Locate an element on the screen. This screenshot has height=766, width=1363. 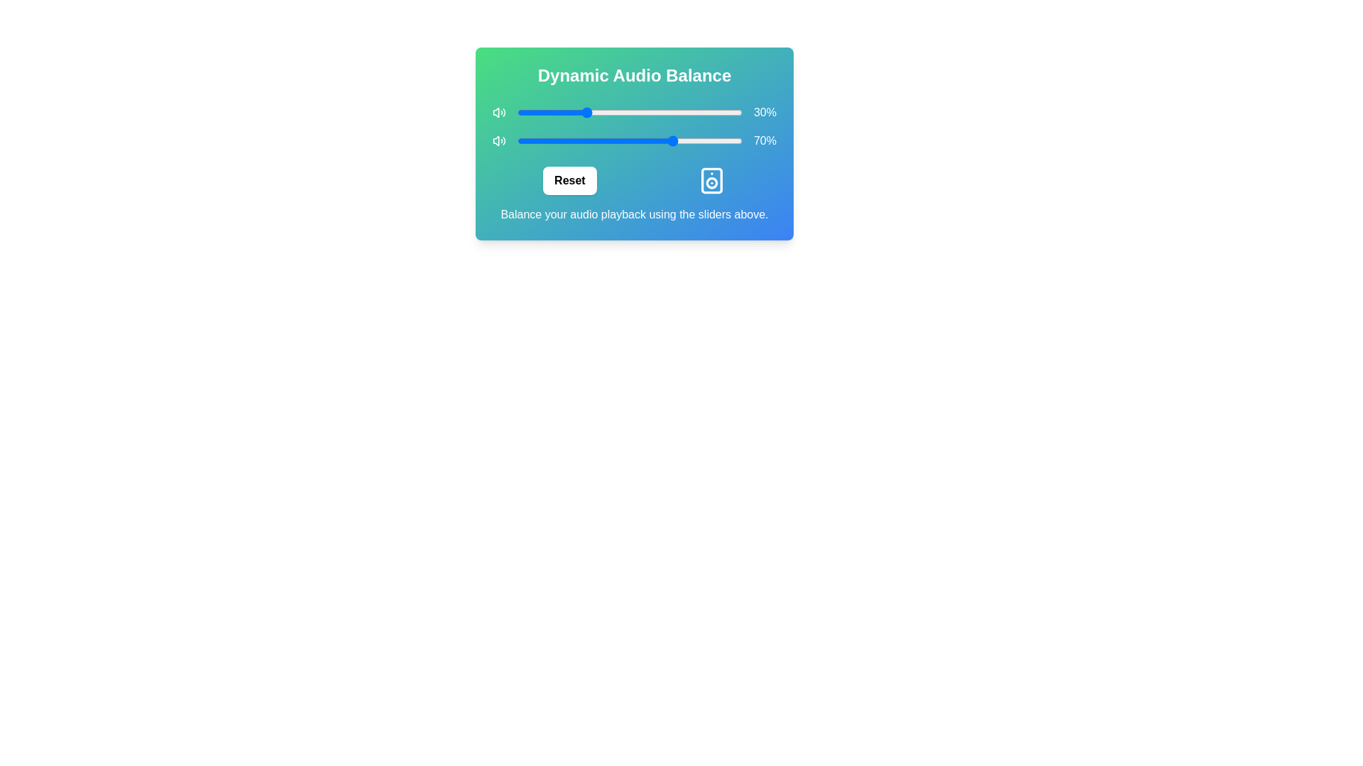
the slider is located at coordinates (735, 111).